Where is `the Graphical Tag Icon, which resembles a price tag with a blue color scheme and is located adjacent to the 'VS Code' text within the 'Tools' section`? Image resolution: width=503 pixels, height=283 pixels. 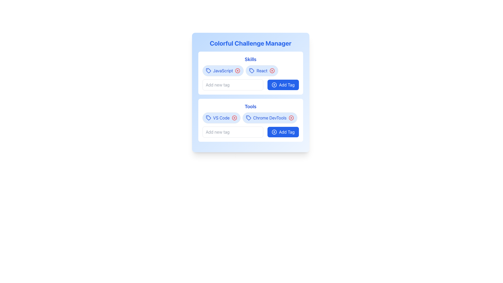 the Graphical Tag Icon, which resembles a price tag with a blue color scheme and is located adjacent to the 'VS Code' text within the 'Tools' section is located at coordinates (208, 118).